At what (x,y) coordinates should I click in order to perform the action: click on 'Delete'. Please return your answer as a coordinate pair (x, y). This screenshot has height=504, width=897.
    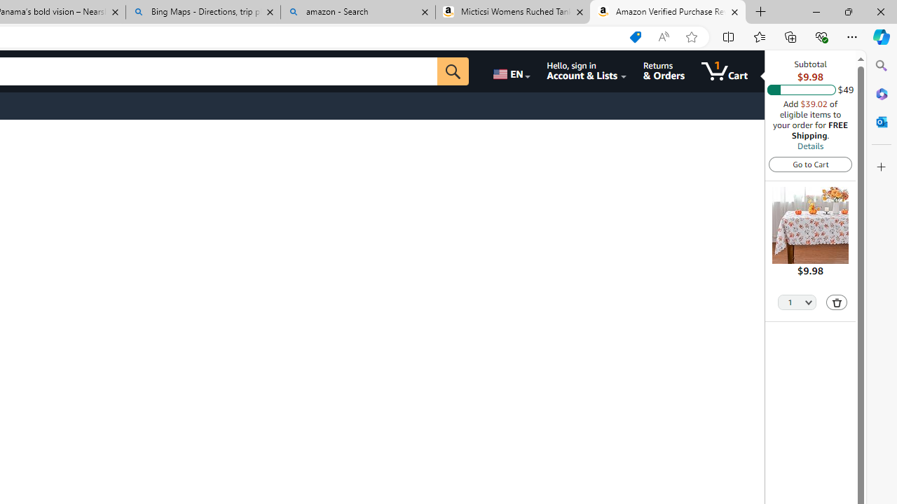
    Looking at the image, I should click on (837, 302).